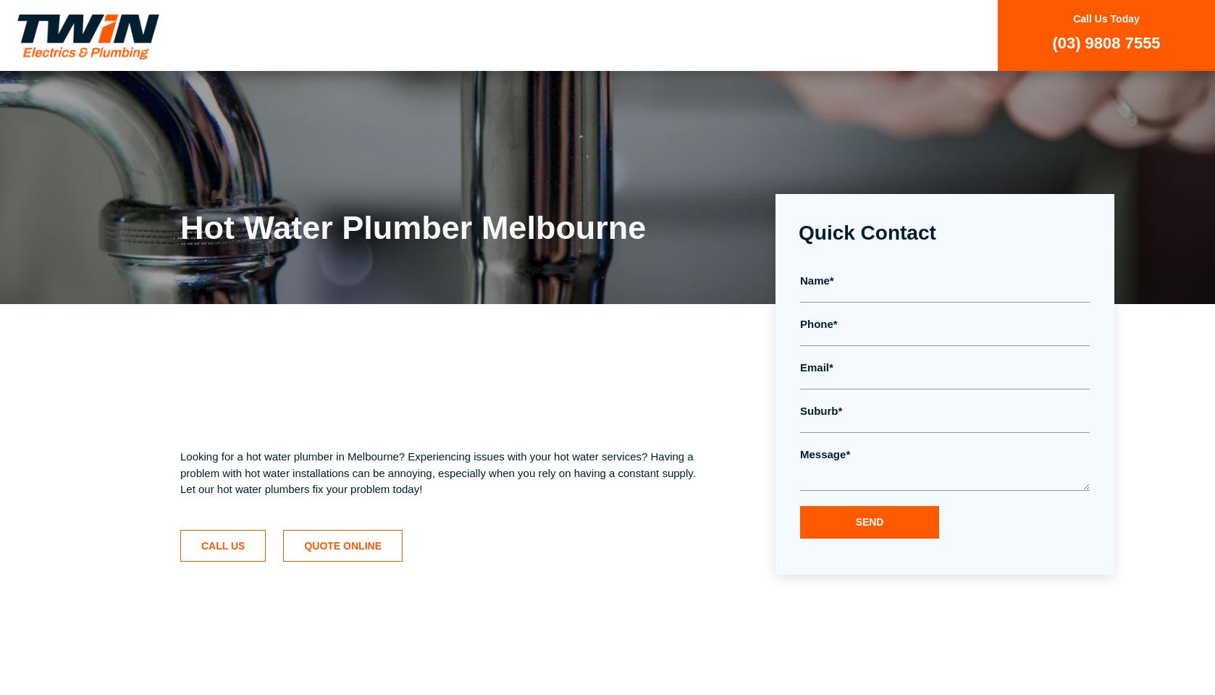  I want to click on 'Send', so click(854, 521).